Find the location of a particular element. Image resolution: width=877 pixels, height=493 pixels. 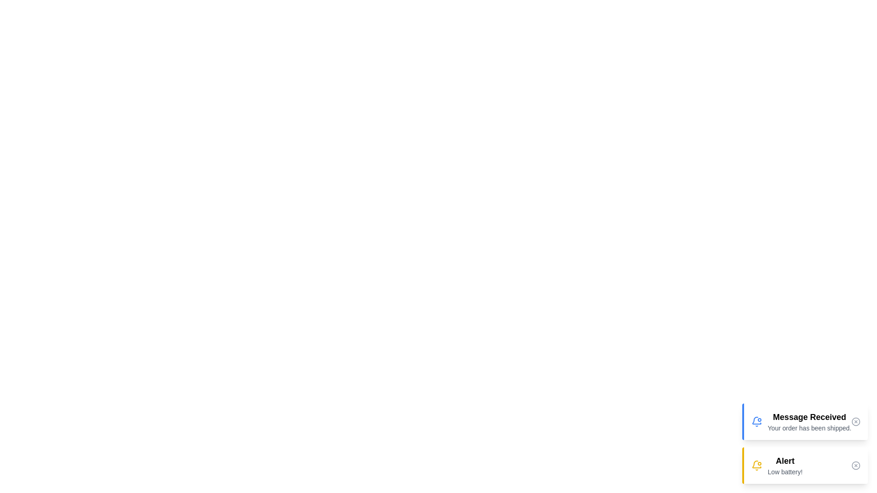

the notification with title Message Received is located at coordinates (804, 422).